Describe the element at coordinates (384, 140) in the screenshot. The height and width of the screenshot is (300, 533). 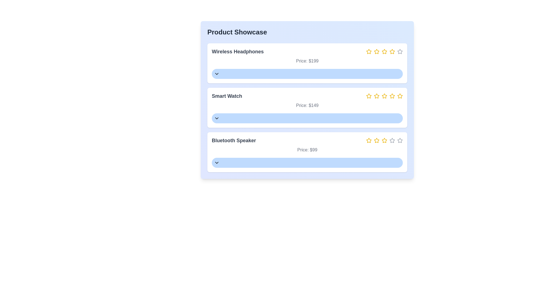
I see `the fourth star icon with a yellow border and filling in the Bluetooth Speaker product section to rate it` at that location.